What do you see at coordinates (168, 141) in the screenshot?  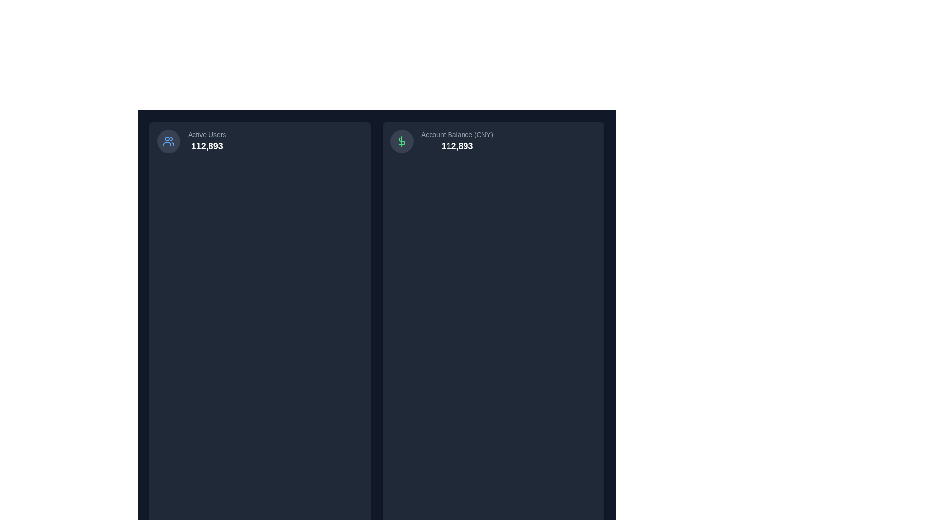 I see `the graphical icon representing a group of users, which has a minimalist design with a circular form and blue color, located within the 'Active Users' card` at bounding box center [168, 141].